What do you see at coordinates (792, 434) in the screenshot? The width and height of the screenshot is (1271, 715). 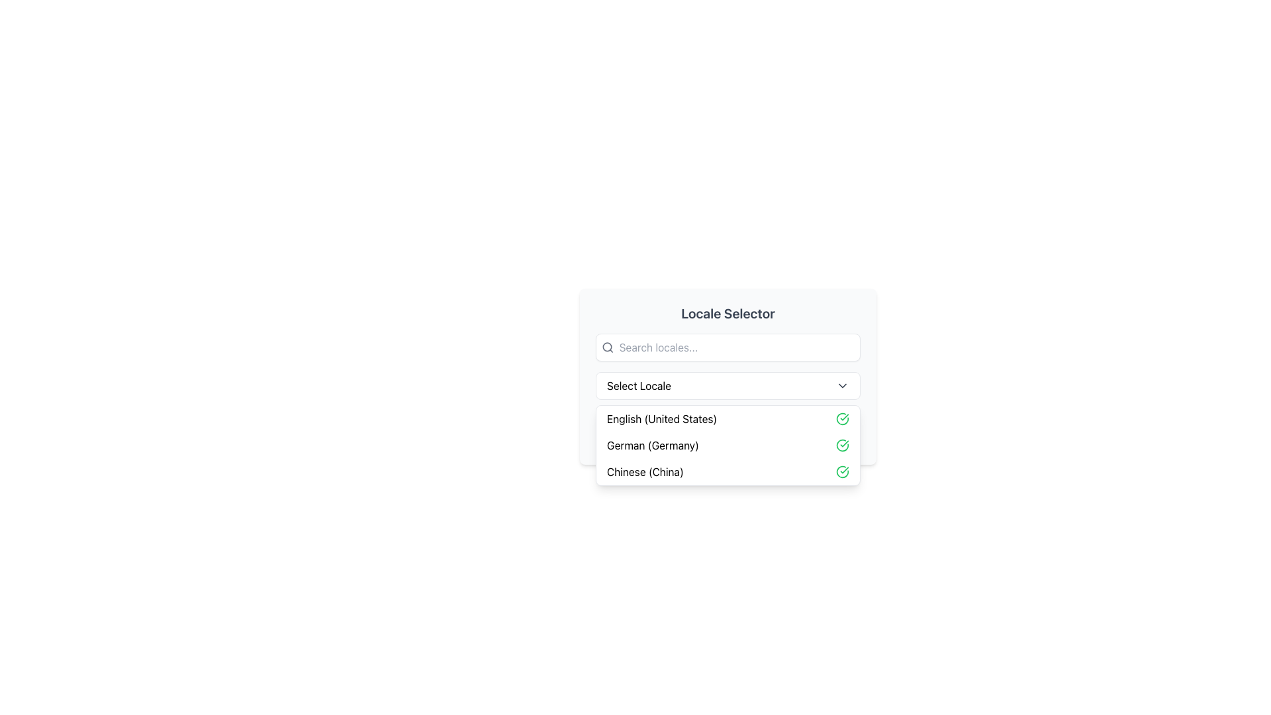 I see `the position of the Marker or Indicator within the 'German (Germany)' dropdown menu item, located to the right of the text label and to the left of the green checkmark icon` at bounding box center [792, 434].